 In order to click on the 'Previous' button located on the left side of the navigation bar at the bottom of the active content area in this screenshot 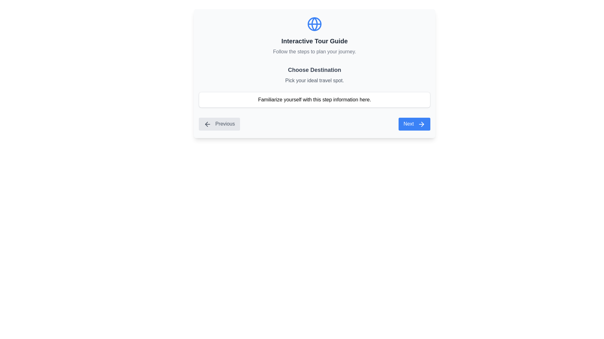, I will do `click(219, 124)`.